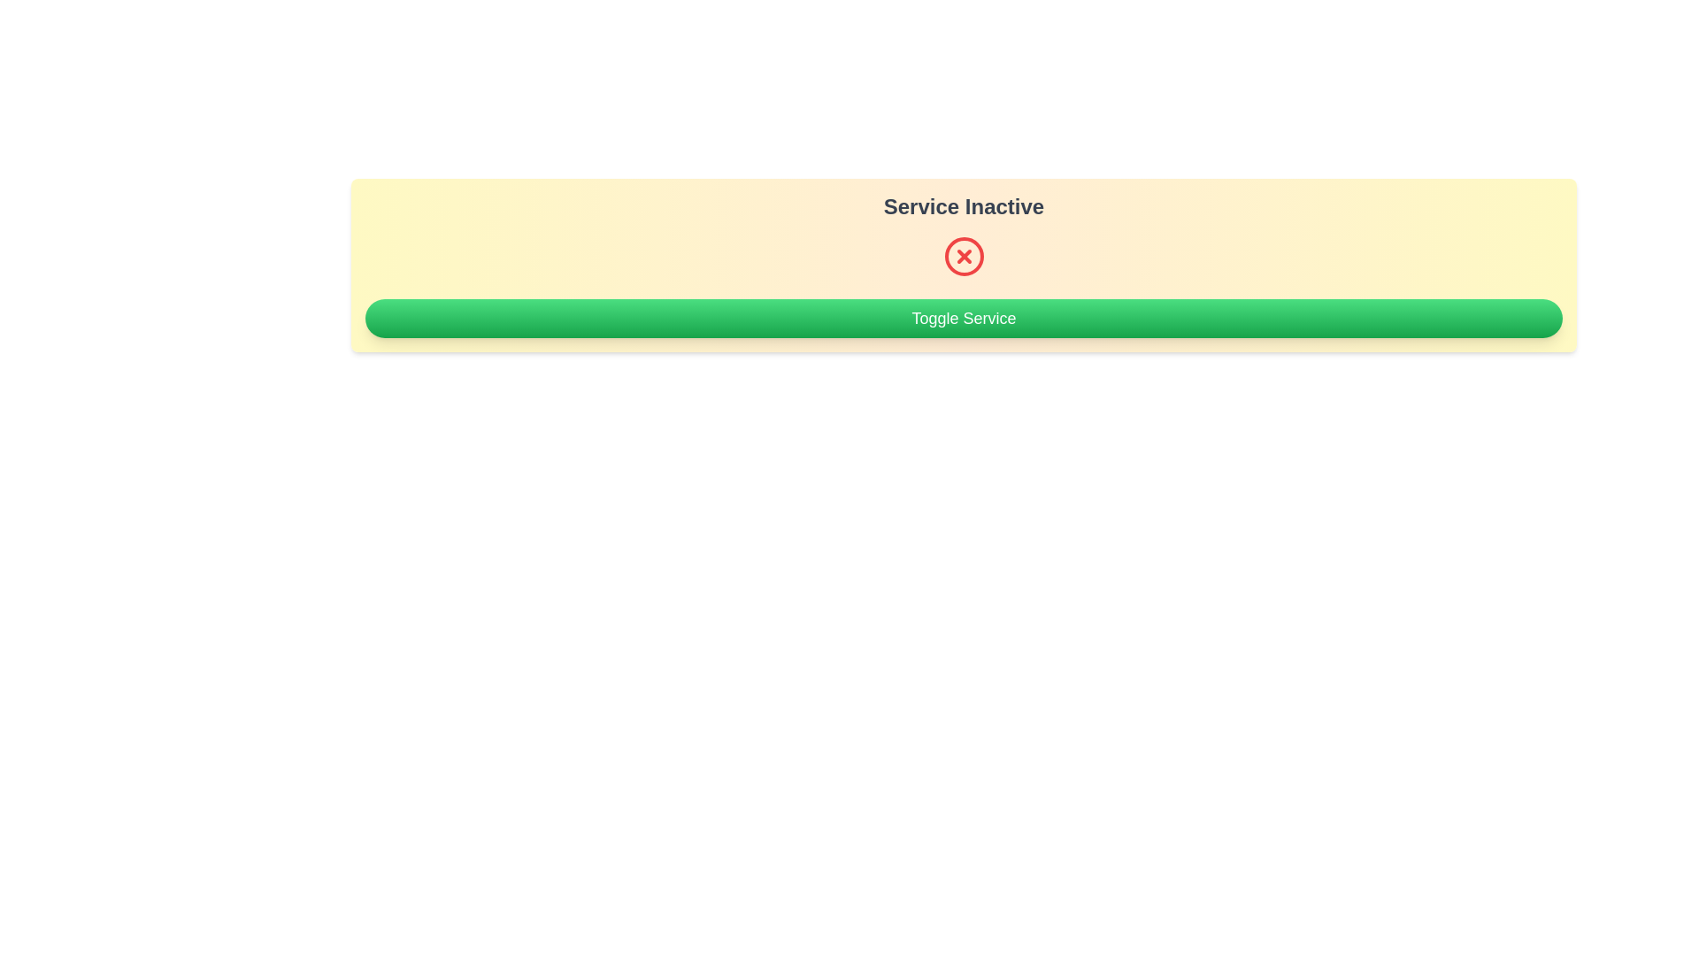  Describe the element at coordinates (963, 317) in the screenshot. I see `the toggle button located below the 'Service Inactive' header and a red cross icon for interaction` at that location.